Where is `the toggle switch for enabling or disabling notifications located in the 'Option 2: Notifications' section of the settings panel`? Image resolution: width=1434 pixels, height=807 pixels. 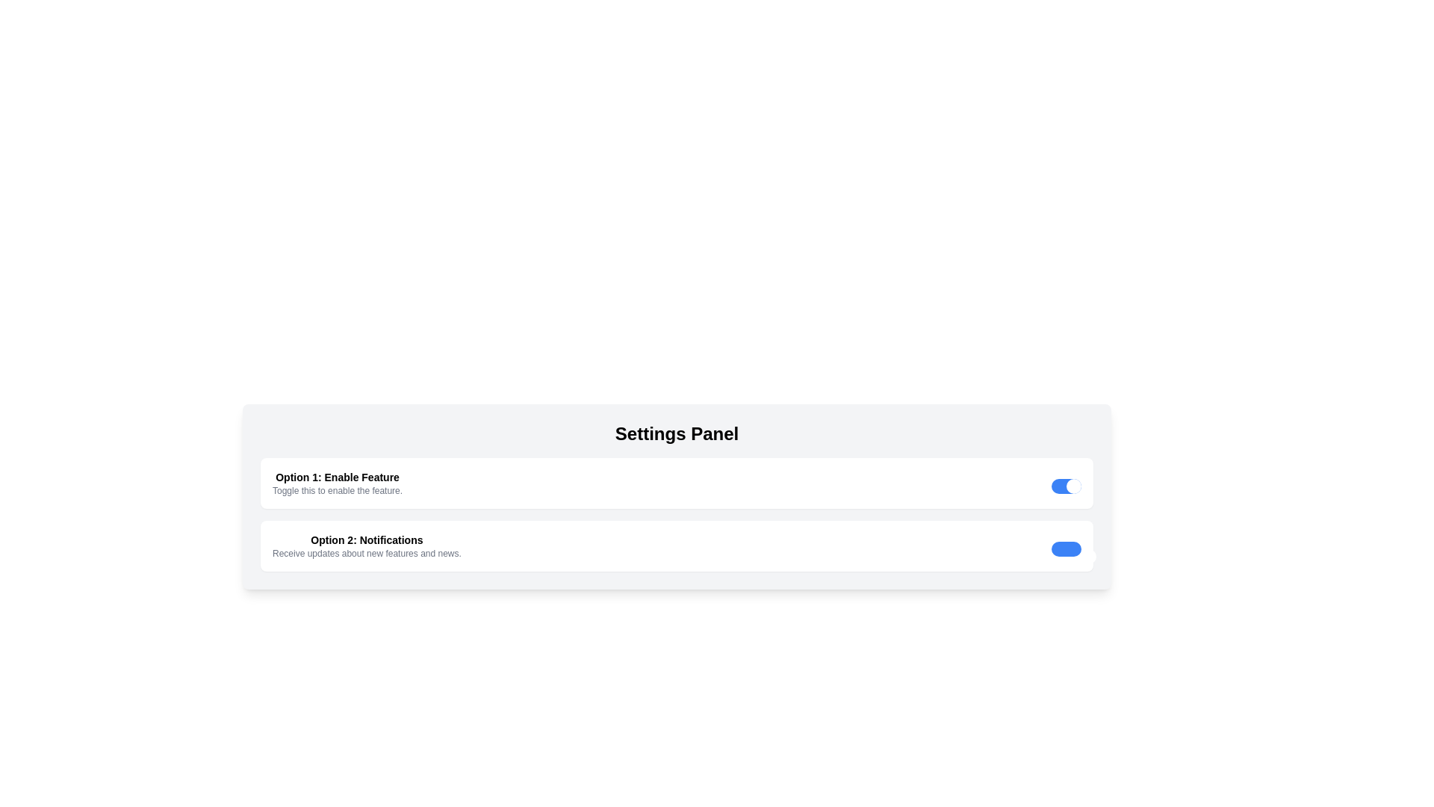
the toggle switch for enabling or disabling notifications located in the 'Option 2: Notifications' section of the settings panel is located at coordinates (1066, 549).